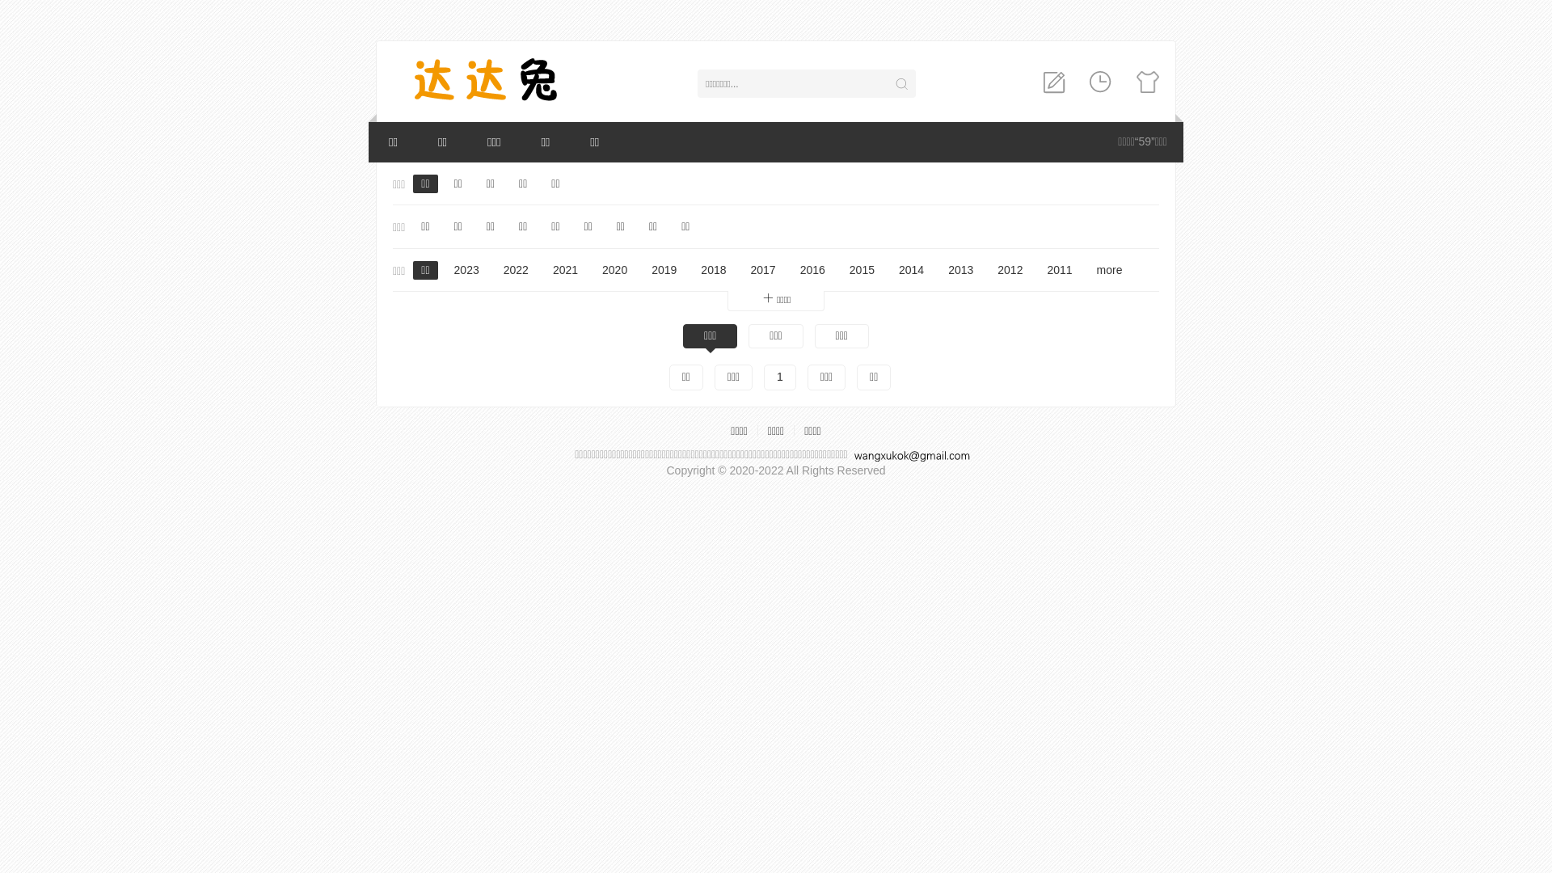  What do you see at coordinates (911, 270) in the screenshot?
I see `'2014'` at bounding box center [911, 270].